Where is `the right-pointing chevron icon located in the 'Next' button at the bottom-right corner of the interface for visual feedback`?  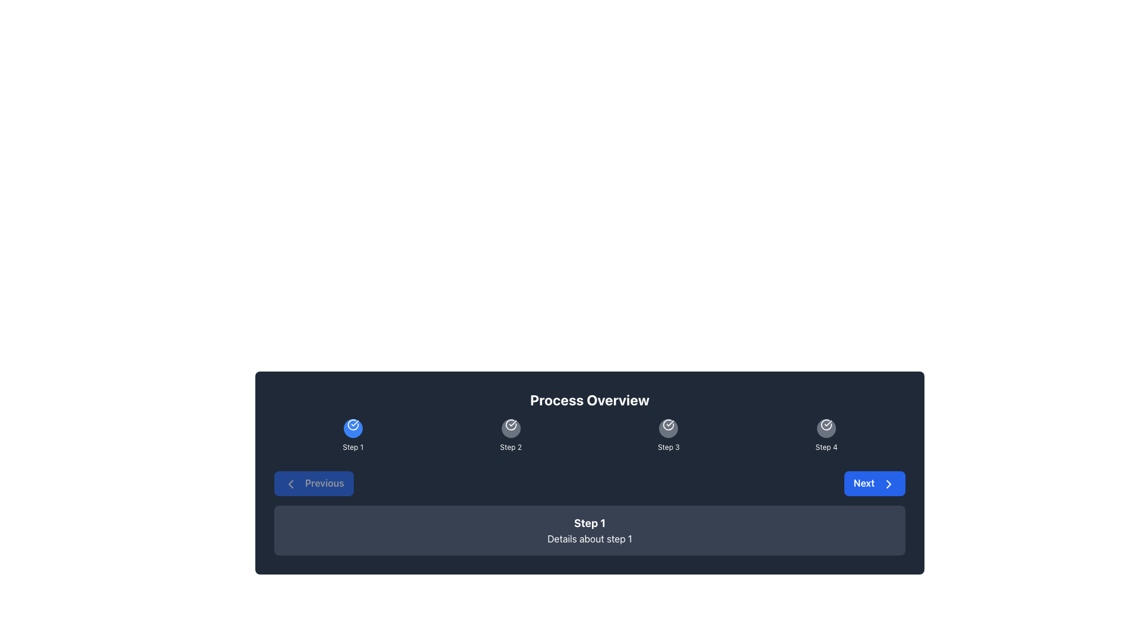
the right-pointing chevron icon located in the 'Next' button at the bottom-right corner of the interface for visual feedback is located at coordinates (889, 483).